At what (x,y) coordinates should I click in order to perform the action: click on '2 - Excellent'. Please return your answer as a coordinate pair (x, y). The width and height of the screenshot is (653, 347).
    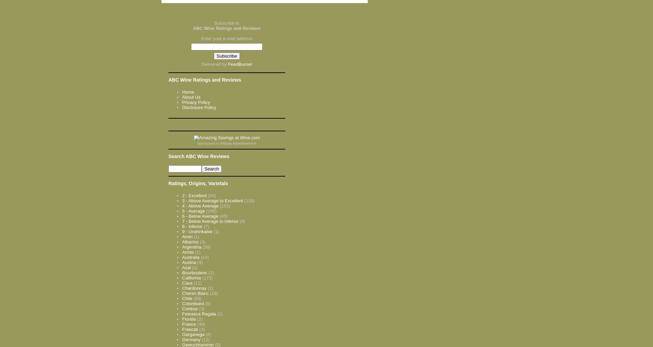
    Looking at the image, I should click on (194, 195).